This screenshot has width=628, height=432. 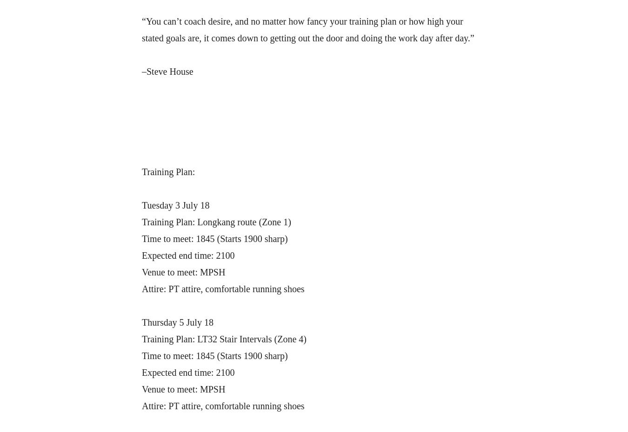 I want to click on '“You can’t coach desire, and no matter how fancy your training plan or how high your stated goals are, it comes down to getting out the door and doing the work day after day.”', so click(x=308, y=29).